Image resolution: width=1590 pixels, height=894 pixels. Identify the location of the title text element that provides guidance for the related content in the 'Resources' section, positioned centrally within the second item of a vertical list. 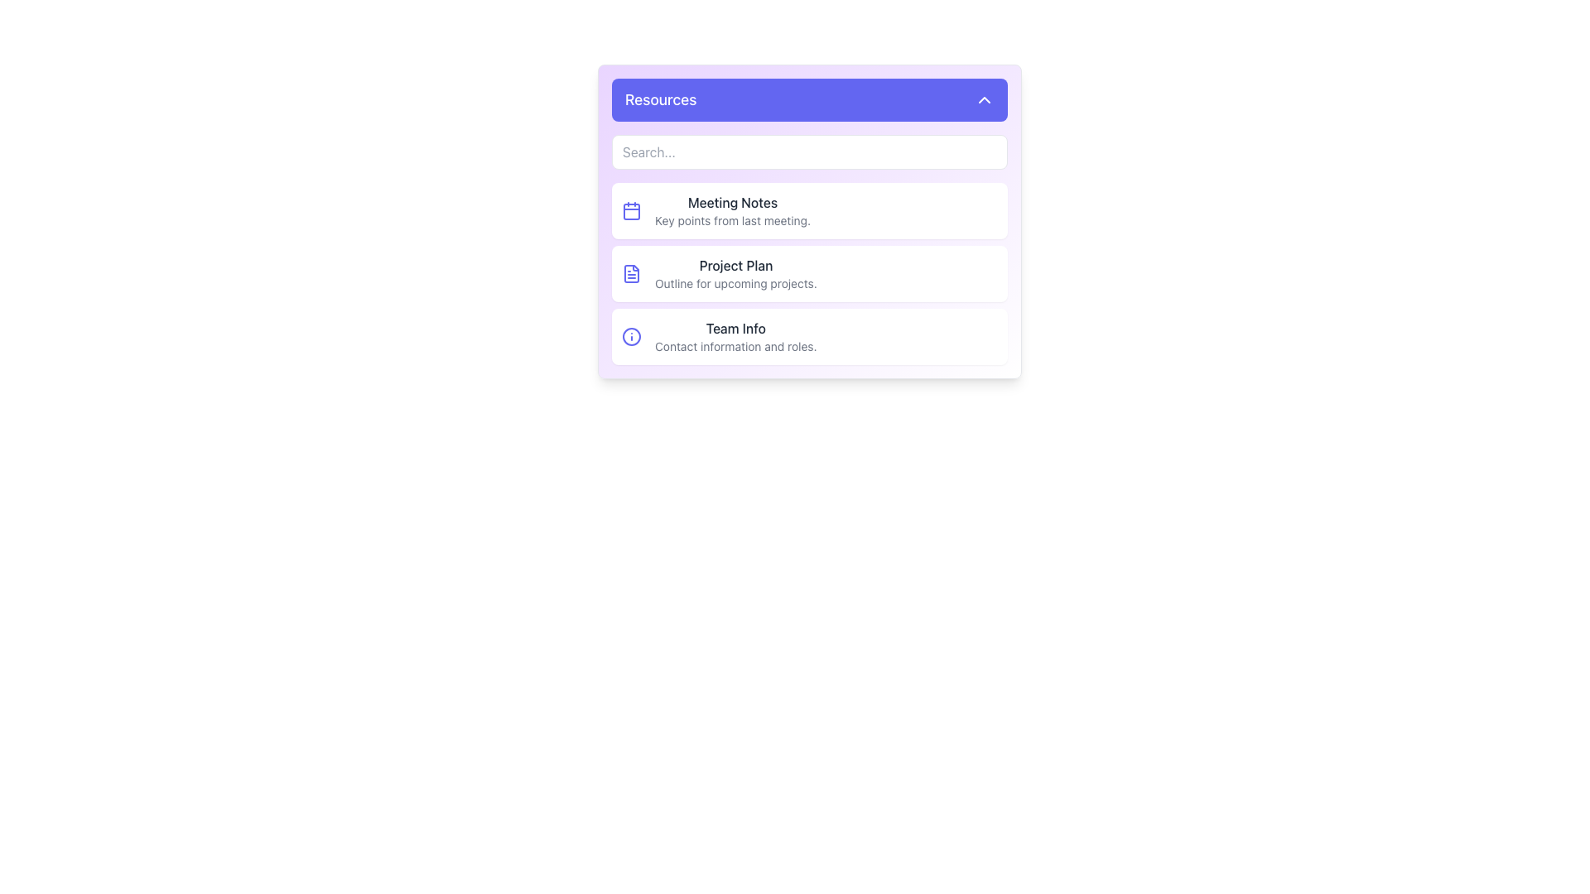
(735, 264).